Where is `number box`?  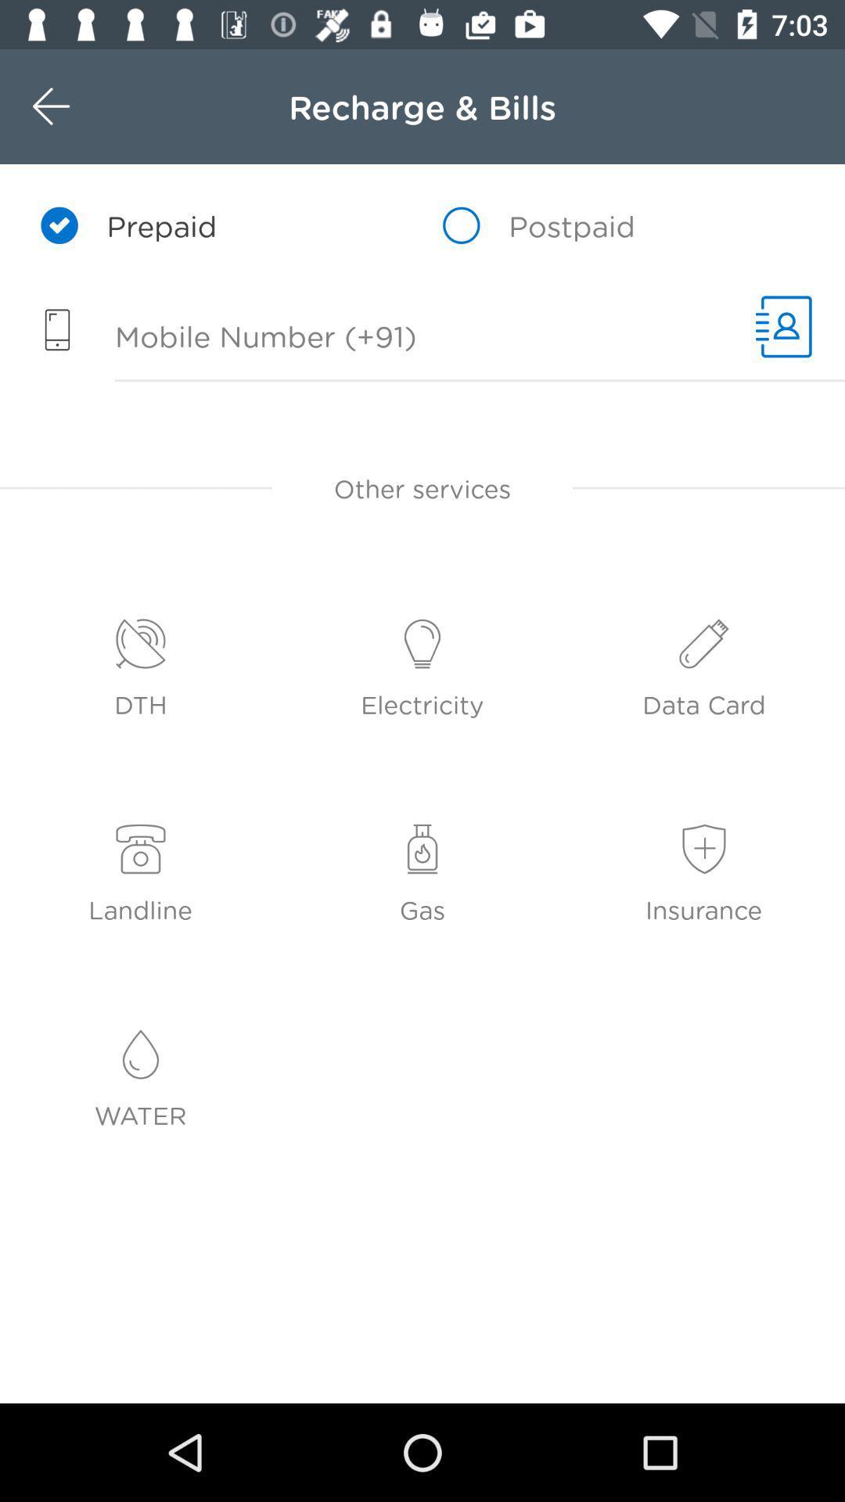
number box is located at coordinates (369, 338).